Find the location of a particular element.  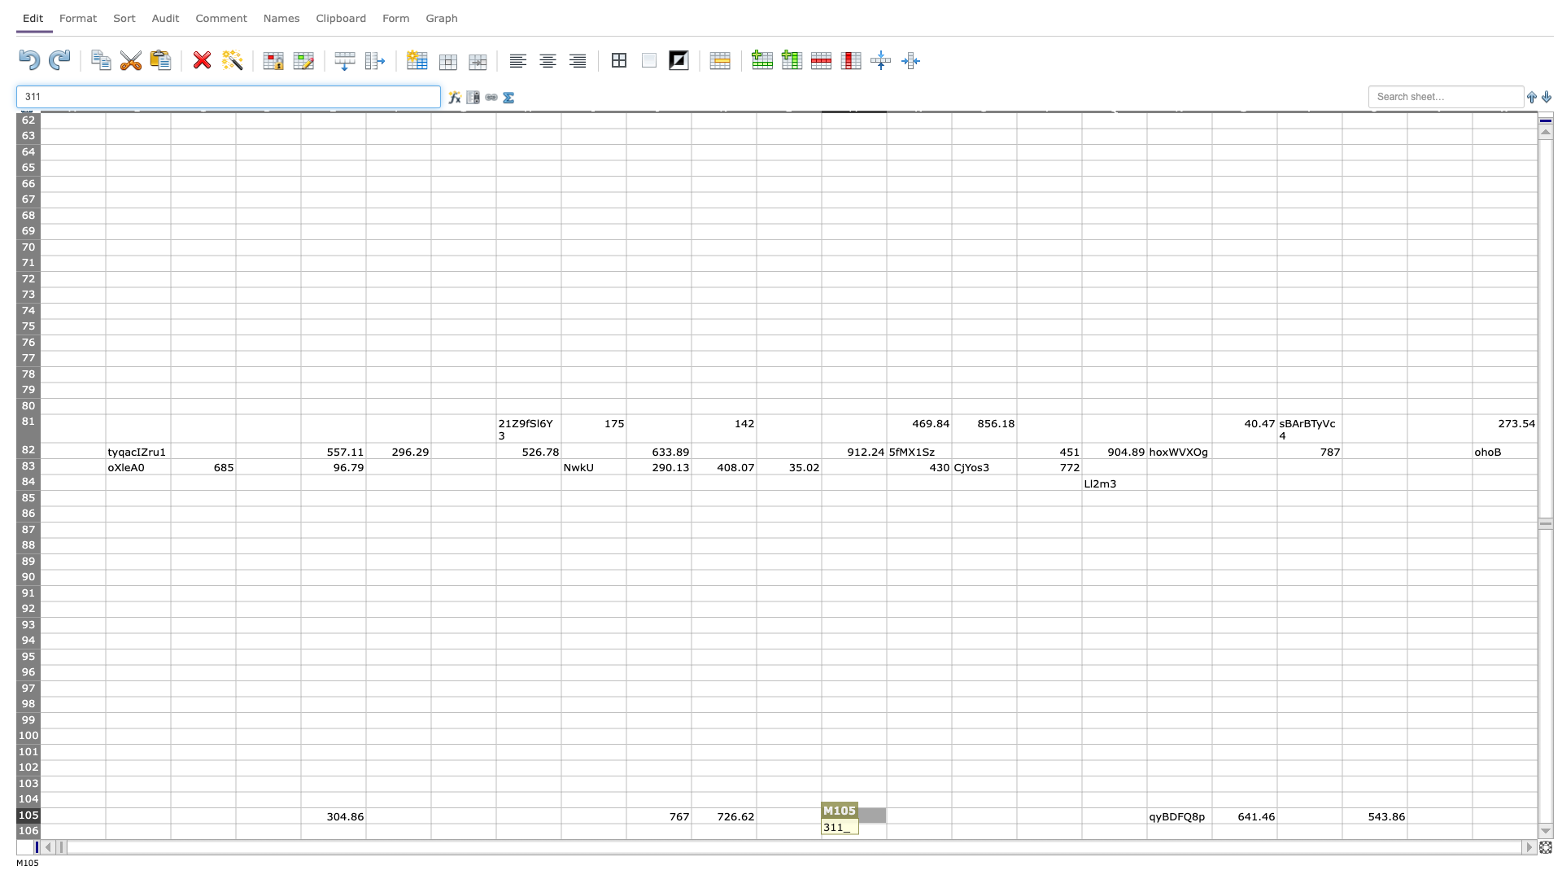

Right boundary of cell N106 is located at coordinates (952, 831).